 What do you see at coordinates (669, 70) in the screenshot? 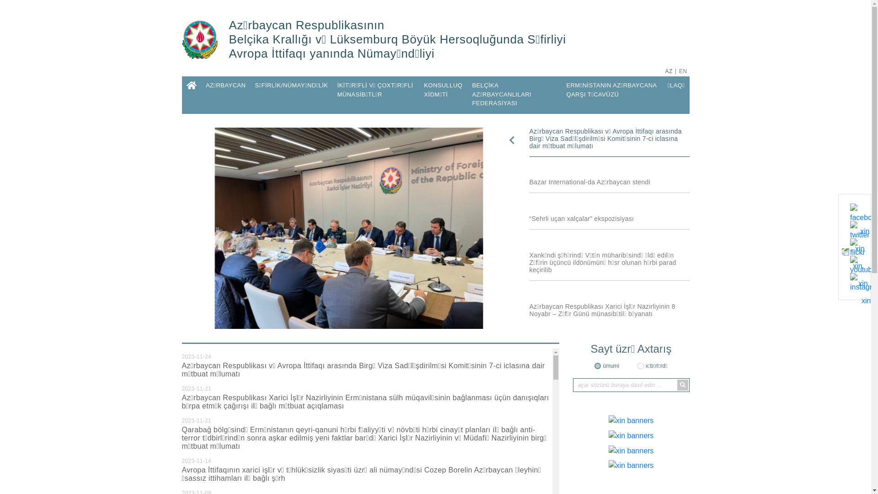
I see `'AZ'` at bounding box center [669, 70].